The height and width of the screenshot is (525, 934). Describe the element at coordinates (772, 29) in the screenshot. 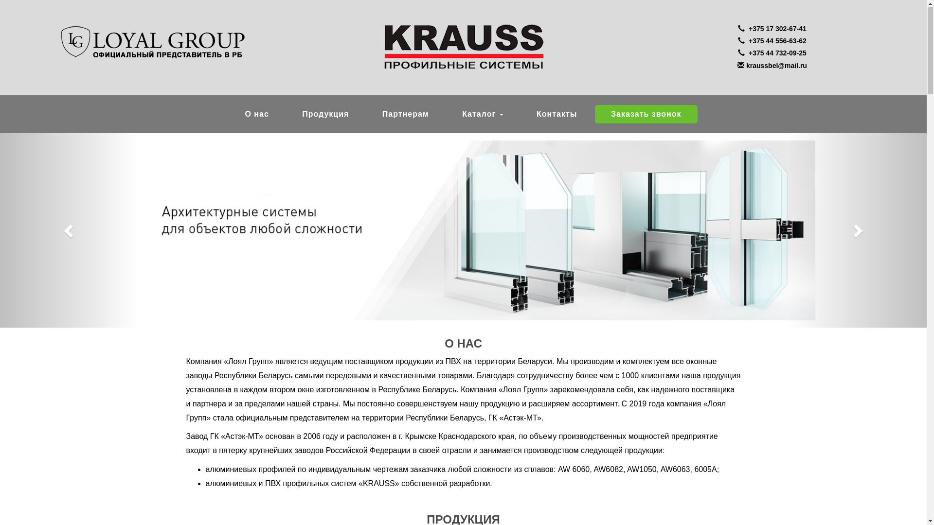

I see `'  +375 17 302-67-41'` at that location.